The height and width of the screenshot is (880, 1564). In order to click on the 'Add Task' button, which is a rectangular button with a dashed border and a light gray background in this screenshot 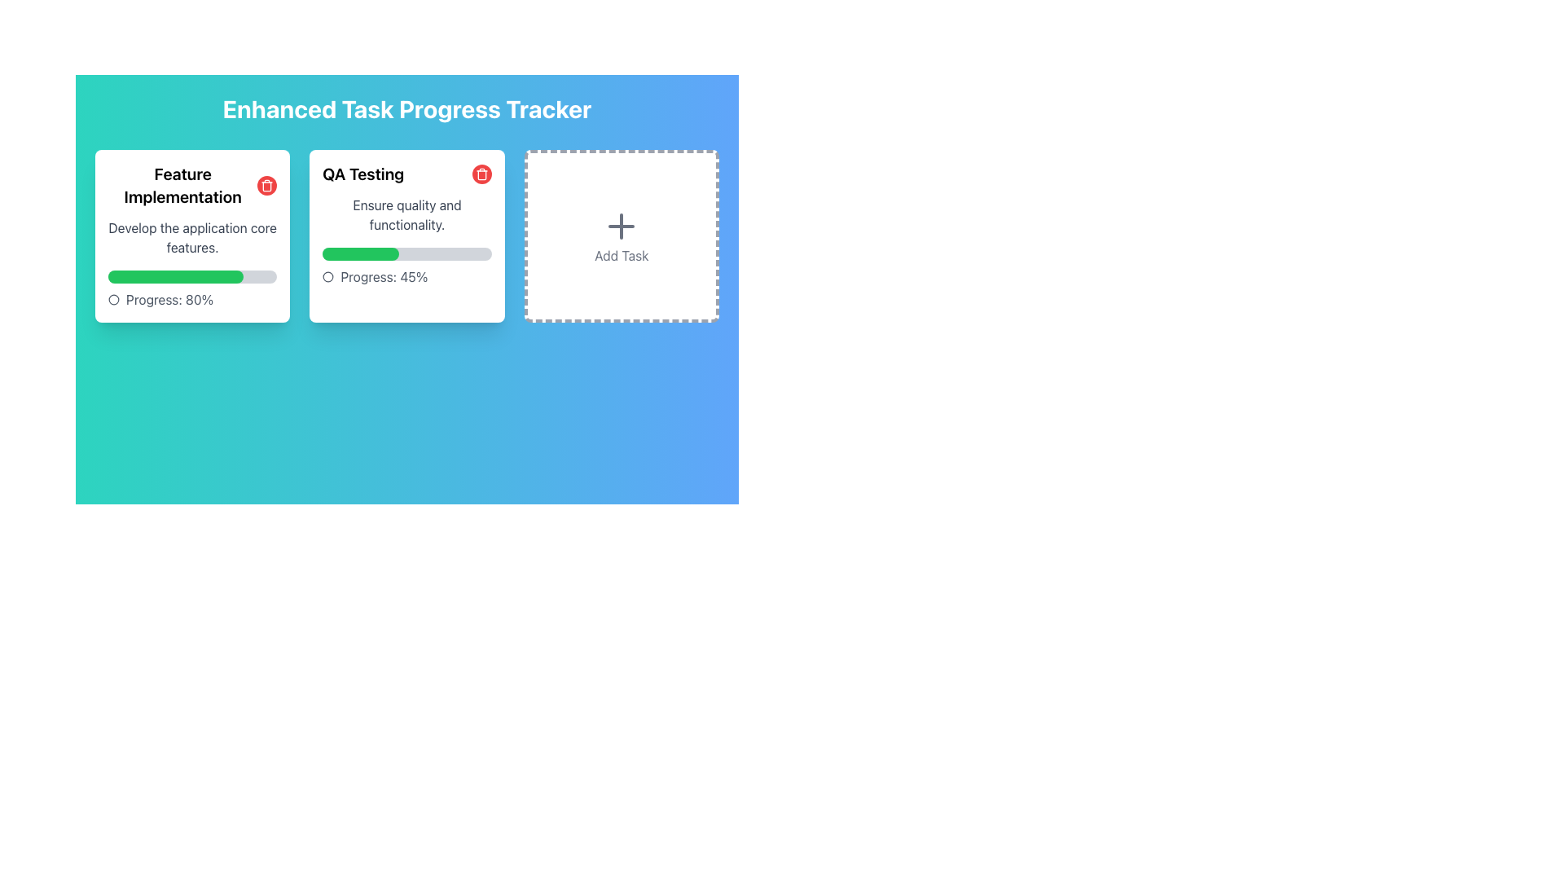, I will do `click(621, 235)`.